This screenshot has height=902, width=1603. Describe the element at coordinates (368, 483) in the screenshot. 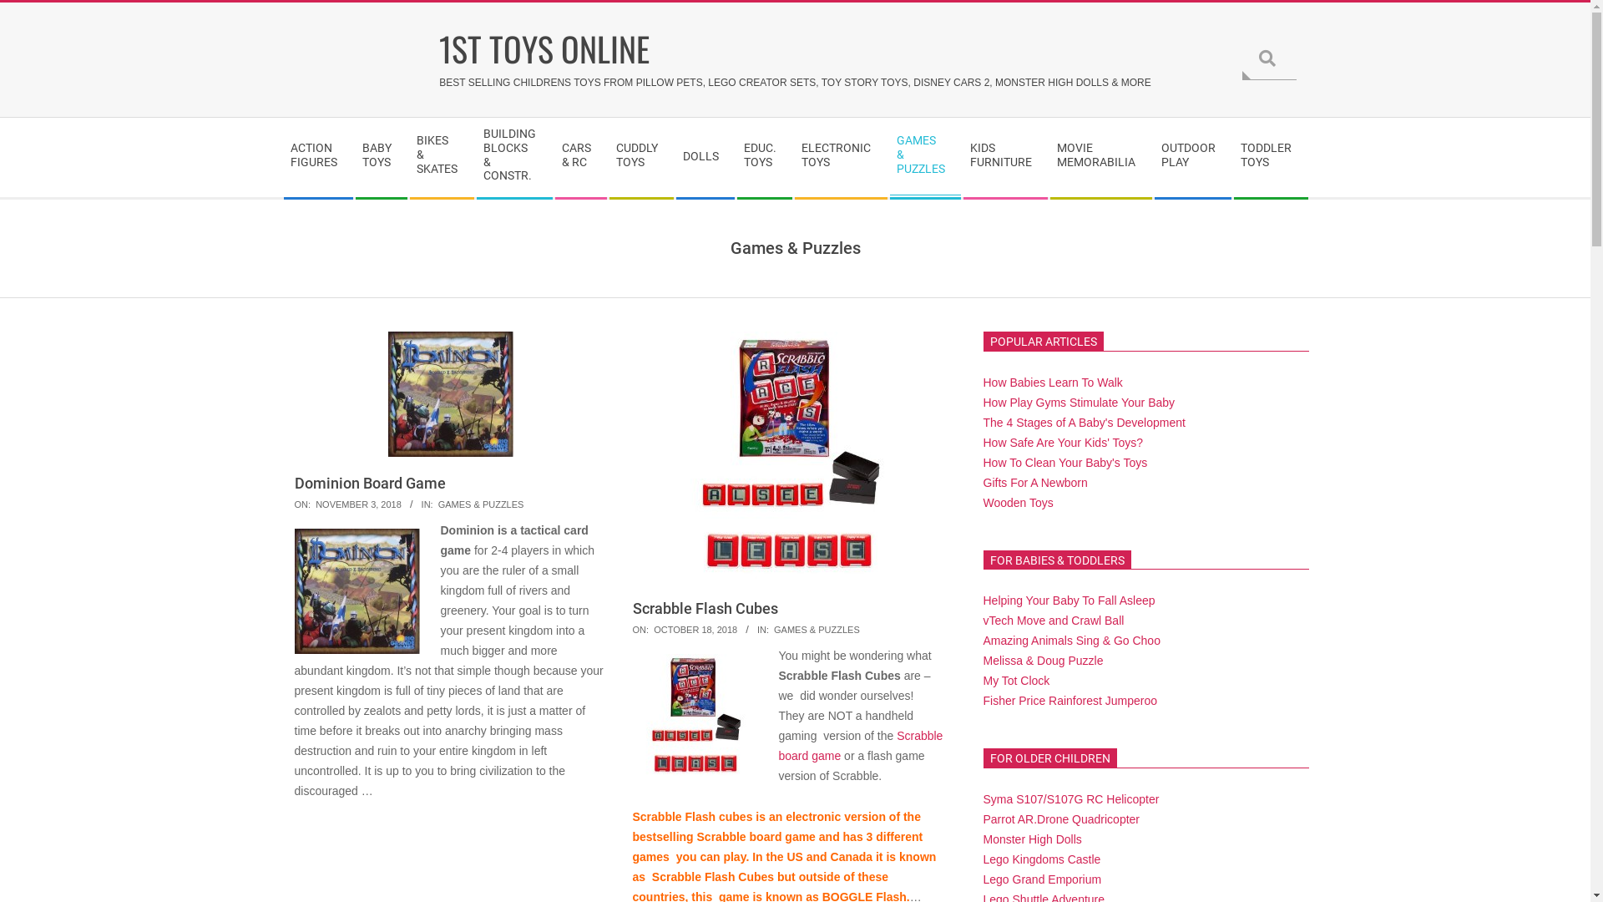

I see `'Dominion Board Game'` at that location.